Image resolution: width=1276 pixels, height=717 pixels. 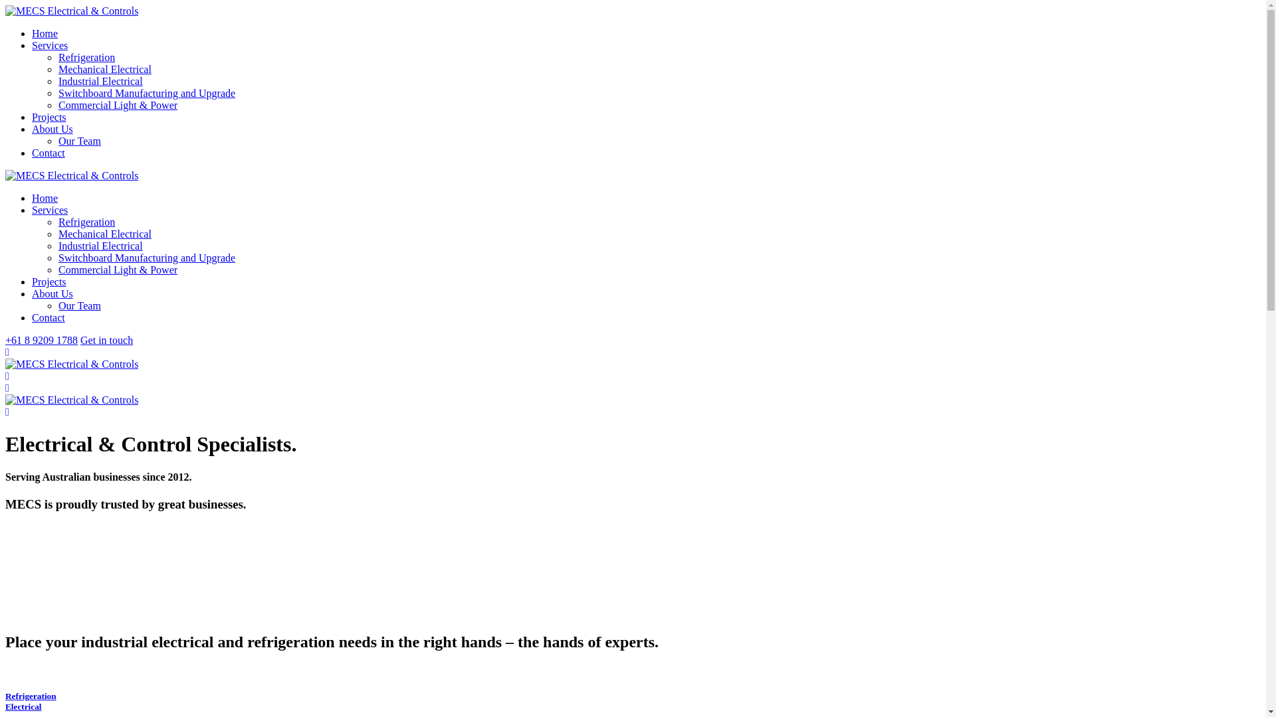 I want to click on 'About Us', so click(x=52, y=129).